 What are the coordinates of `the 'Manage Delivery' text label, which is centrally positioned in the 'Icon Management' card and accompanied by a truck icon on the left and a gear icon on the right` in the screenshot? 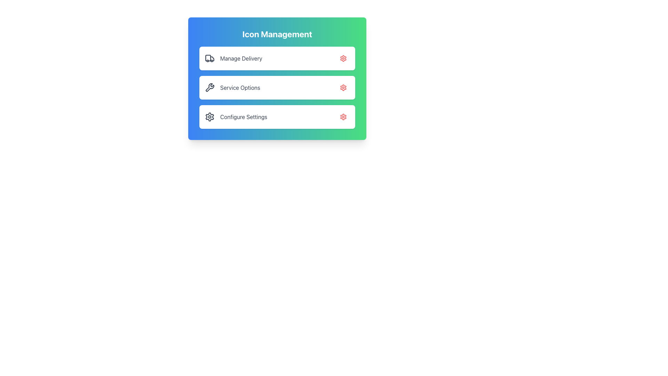 It's located at (241, 58).